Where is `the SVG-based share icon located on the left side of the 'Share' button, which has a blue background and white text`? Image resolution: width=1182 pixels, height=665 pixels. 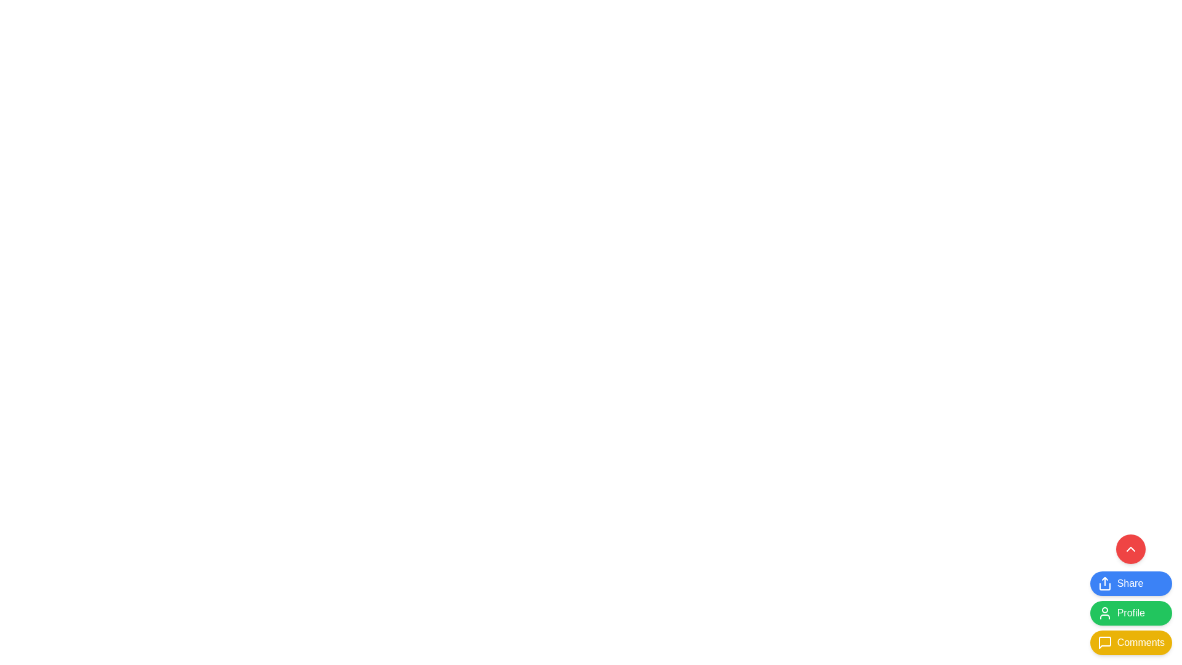 the SVG-based share icon located on the left side of the 'Share' button, which has a blue background and white text is located at coordinates (1104, 583).